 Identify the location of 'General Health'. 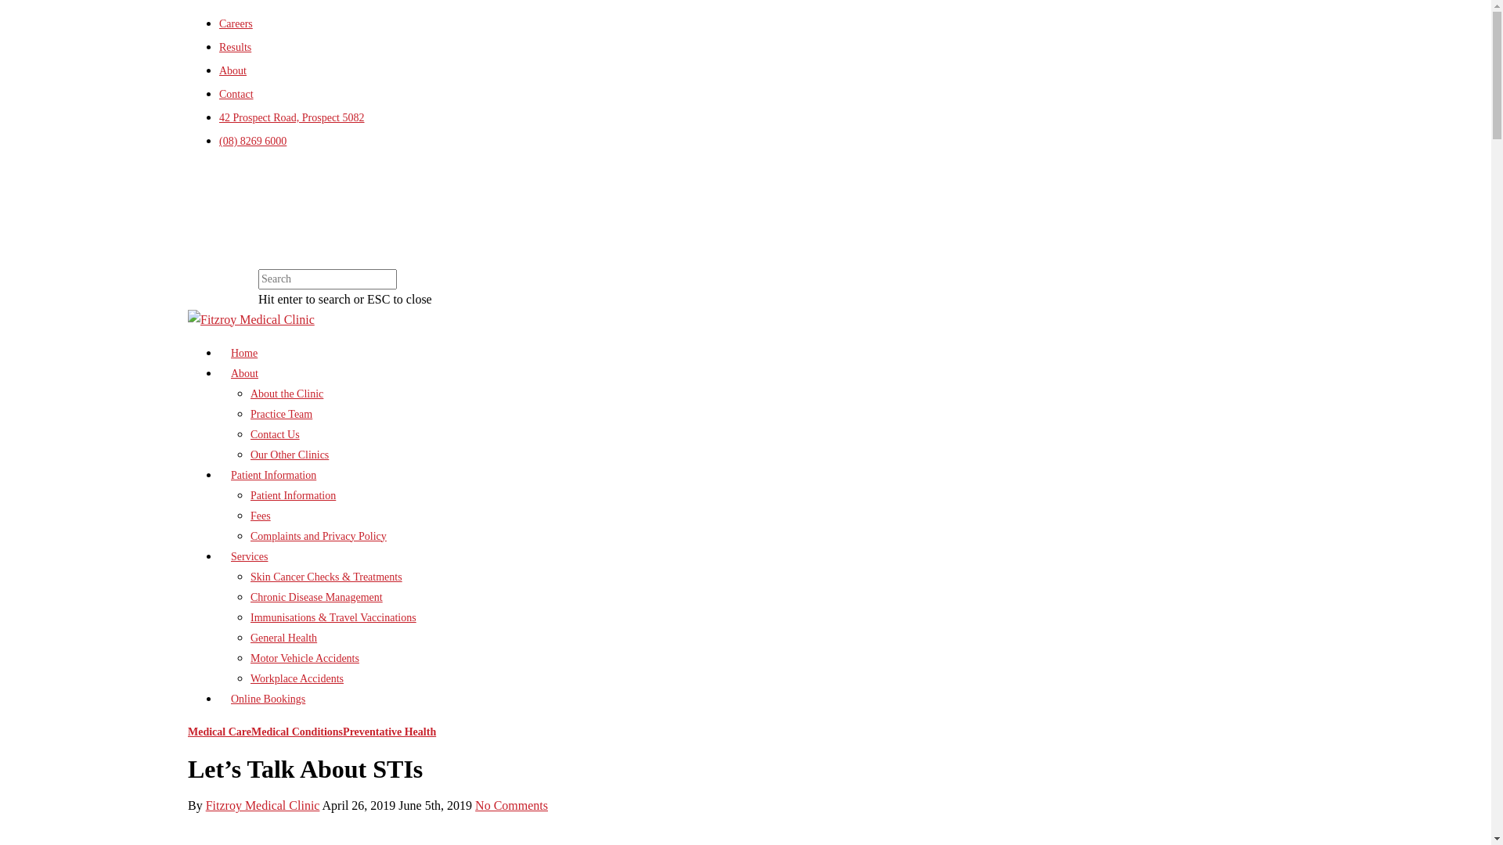
(283, 638).